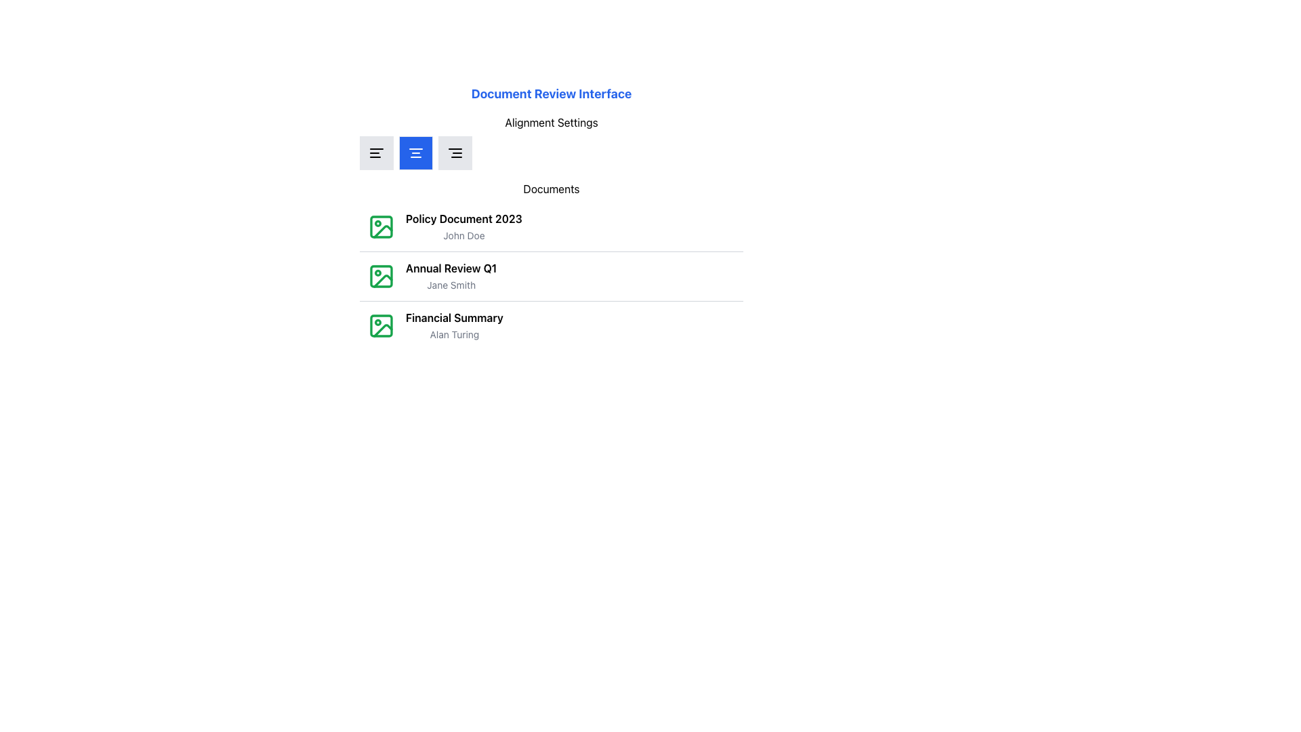 Image resolution: width=1301 pixels, height=732 pixels. Describe the element at coordinates (380, 226) in the screenshot. I see `the green outlined landscape picture icon to the left of the text 'Policy Document 2023' in the document list` at that location.